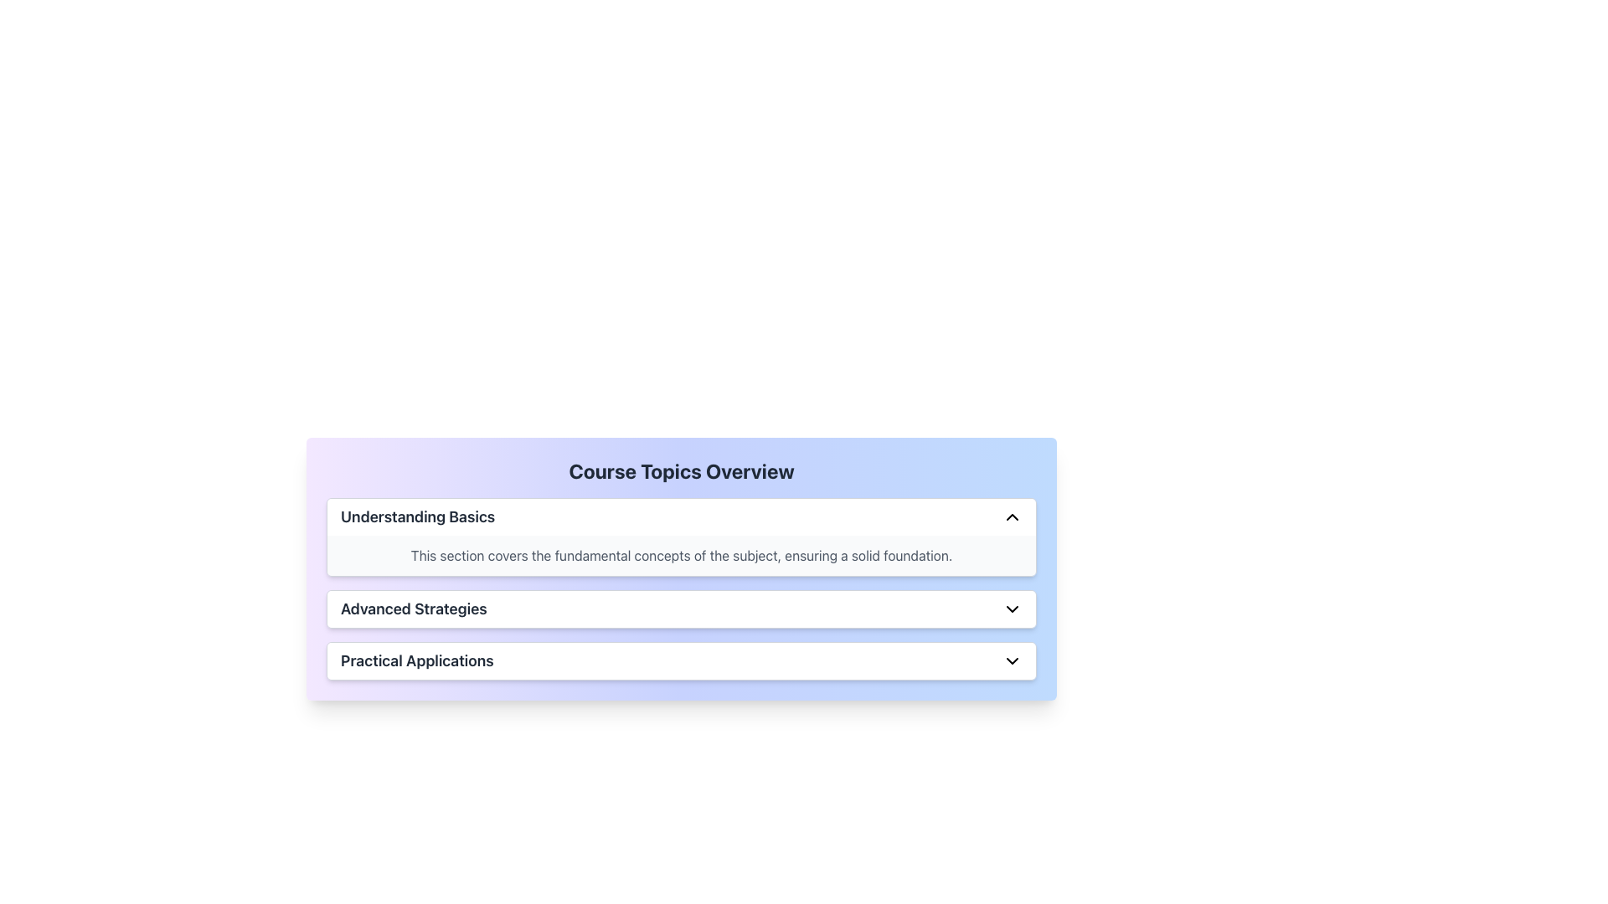 This screenshot has height=904, width=1608. Describe the element at coordinates (682, 516) in the screenshot. I see `the toggle button in the 'Course Topics Overview' section` at that location.